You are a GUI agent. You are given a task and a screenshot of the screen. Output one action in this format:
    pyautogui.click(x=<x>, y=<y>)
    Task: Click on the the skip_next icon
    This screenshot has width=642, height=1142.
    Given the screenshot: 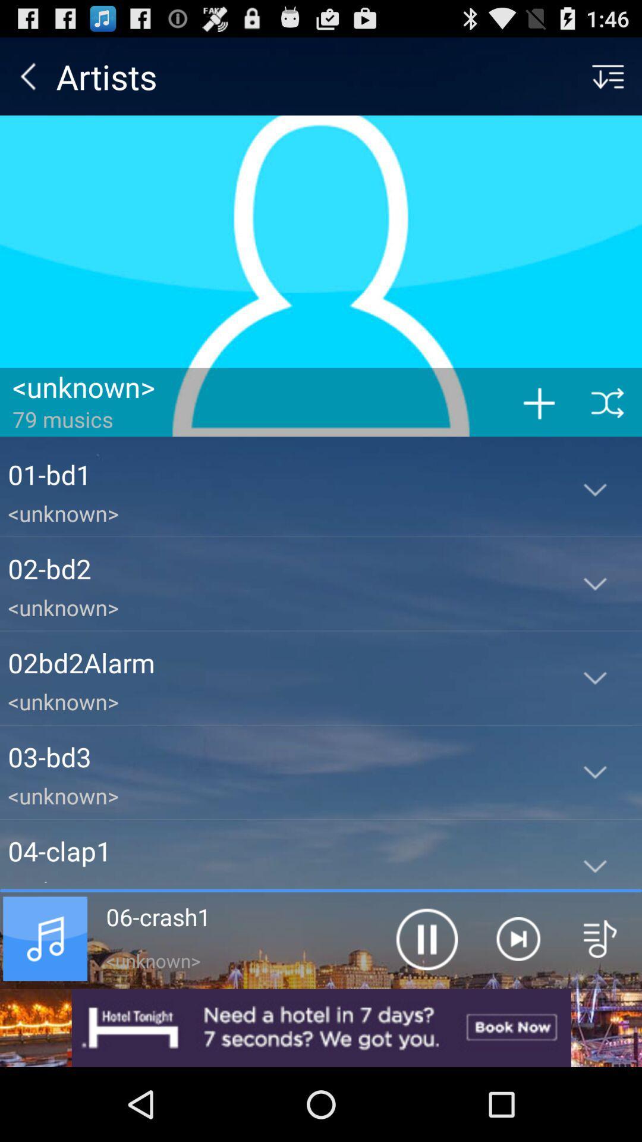 What is the action you would take?
    pyautogui.click(x=517, y=1004)
    